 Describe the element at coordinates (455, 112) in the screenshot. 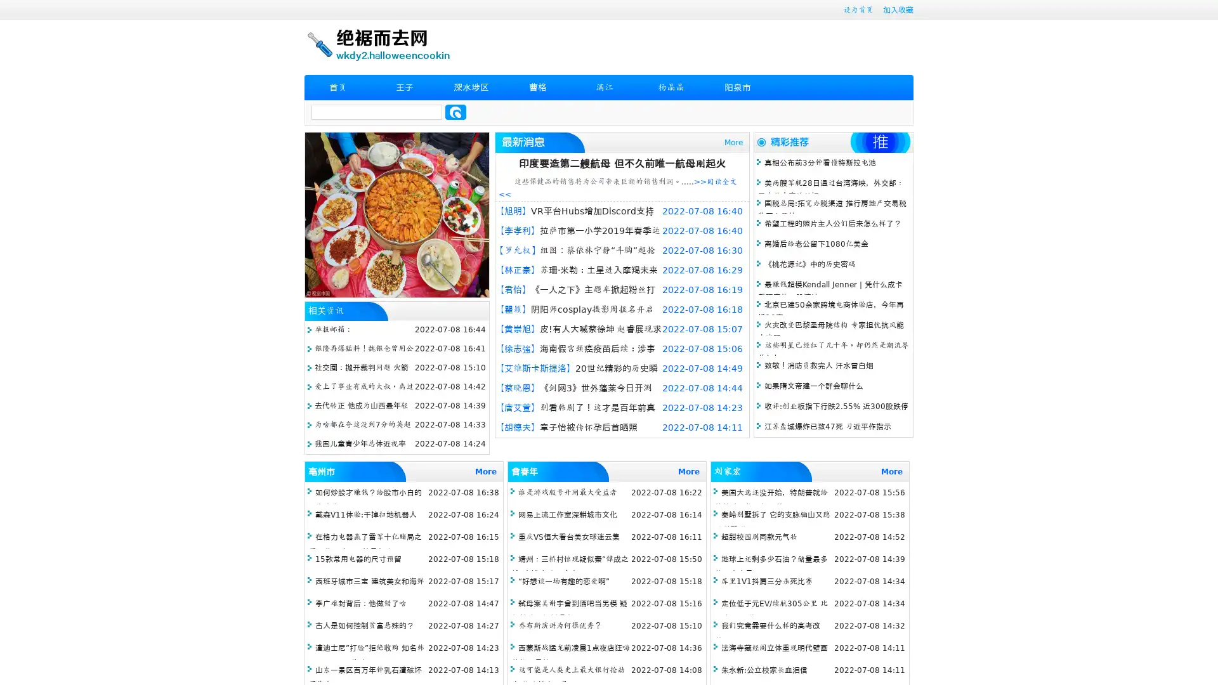

I see `Search` at that location.